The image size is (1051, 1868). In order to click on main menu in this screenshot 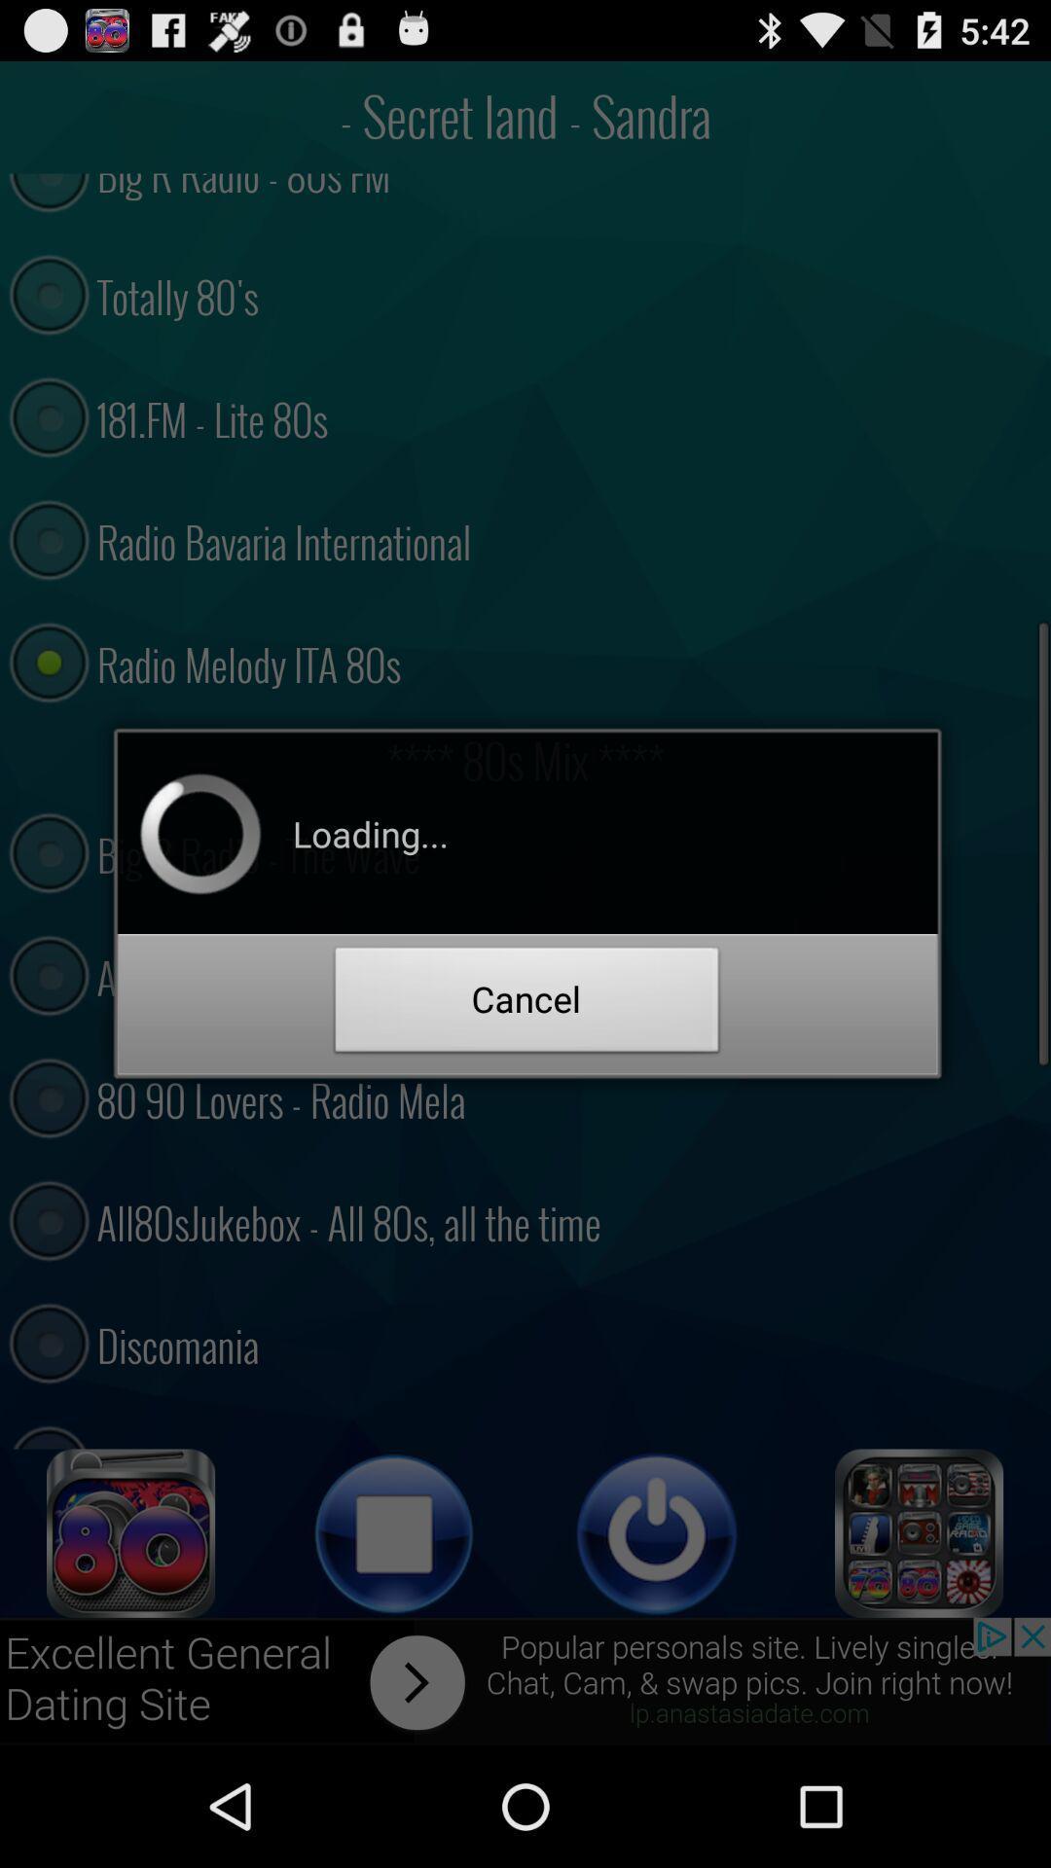, I will do `click(920, 1532)`.